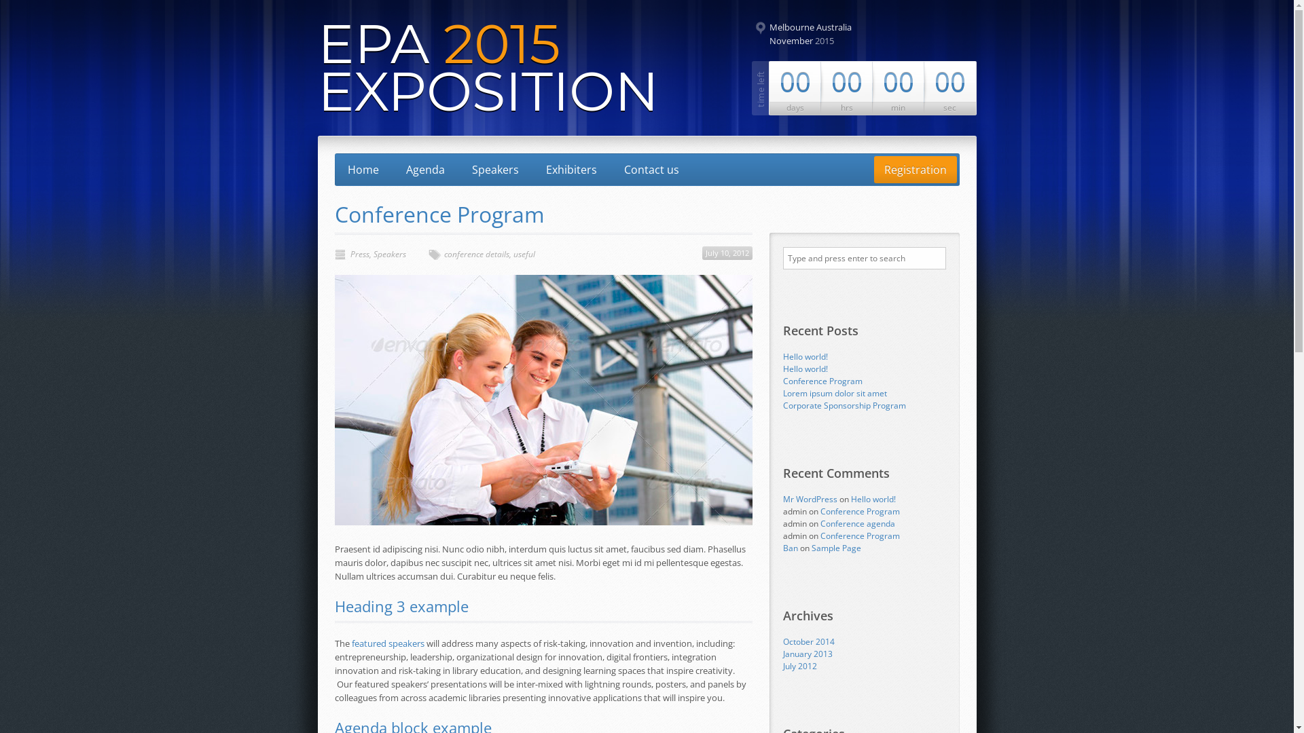 This screenshot has width=1304, height=733. Describe the element at coordinates (782, 356) in the screenshot. I see `'Hello world!'` at that location.